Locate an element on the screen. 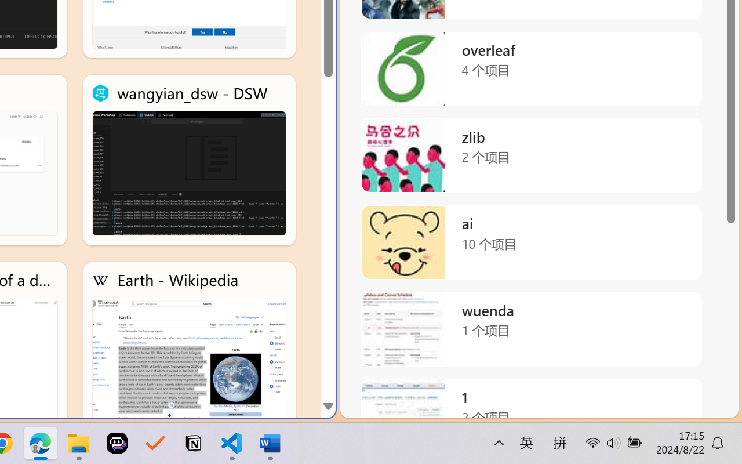 This screenshot has width=742, height=464. 'Earth - Wikipedia' is located at coordinates (189, 346).